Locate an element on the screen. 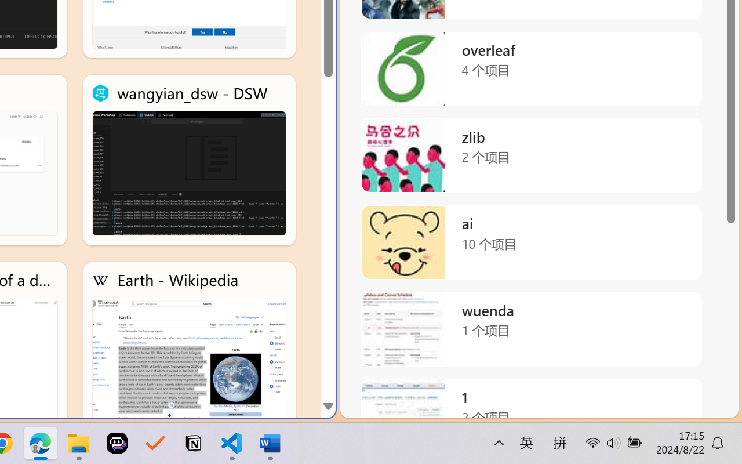 This screenshot has width=742, height=464. 'Earth - Wikipedia' is located at coordinates (189, 346).